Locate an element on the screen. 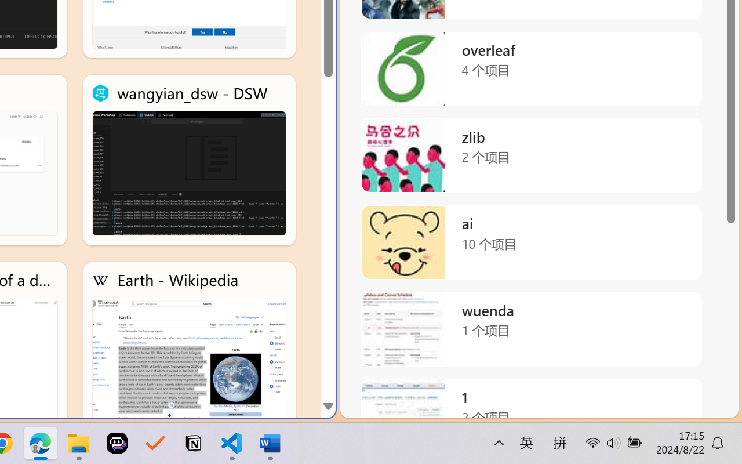 This screenshot has width=742, height=464. 'Earth - Wikipedia' is located at coordinates (189, 346).